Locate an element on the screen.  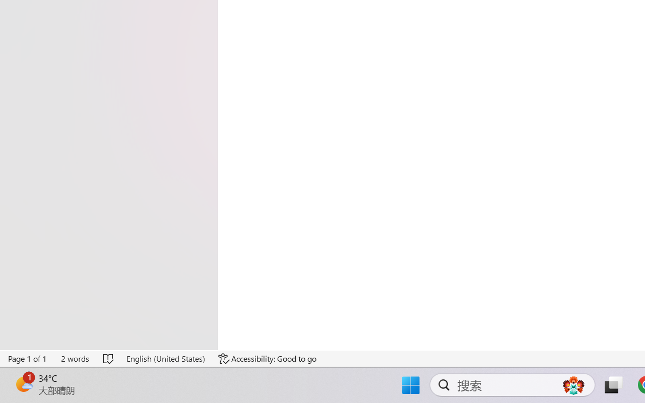
'Language English (United States)' is located at coordinates (165, 358).